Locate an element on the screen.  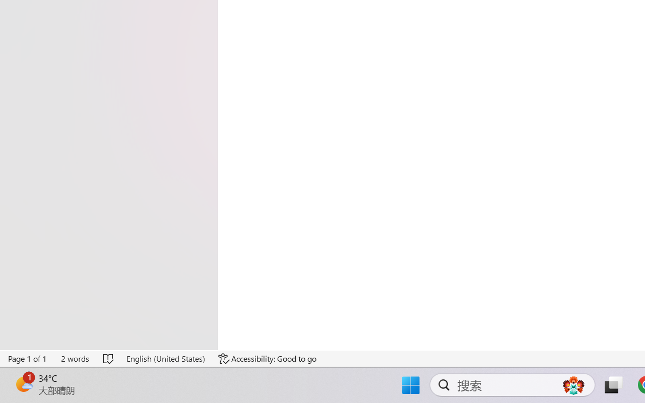
'Language English (United States)' is located at coordinates (165, 358).